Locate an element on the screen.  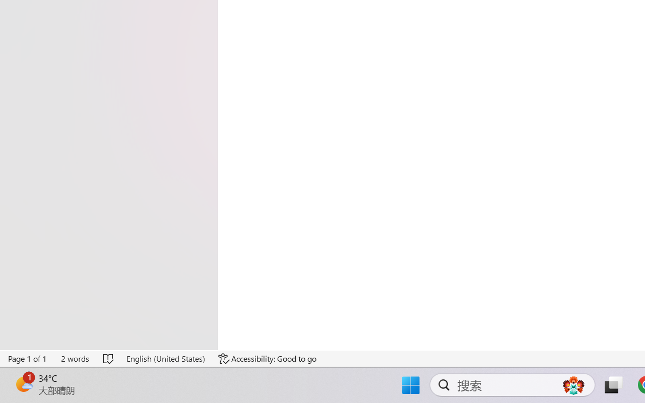
'Language English (United States)' is located at coordinates (165, 358).